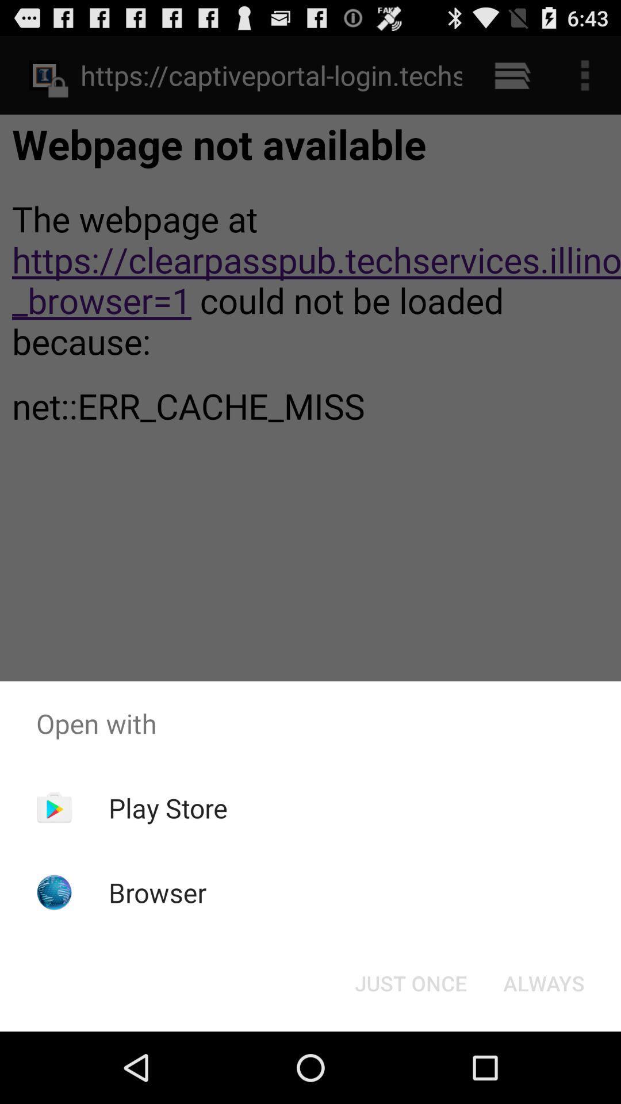 The width and height of the screenshot is (621, 1104). Describe the element at coordinates (543, 982) in the screenshot. I see `the always item` at that location.